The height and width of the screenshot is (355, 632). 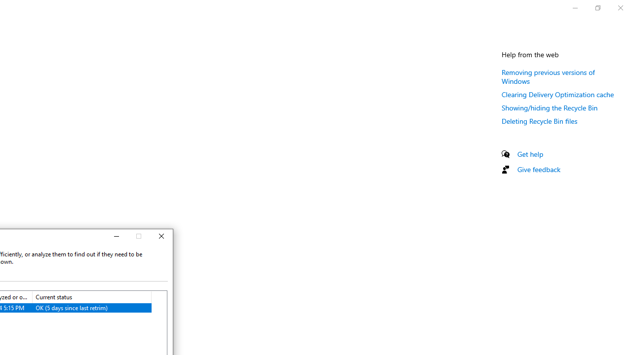 What do you see at coordinates (138, 237) in the screenshot?
I see `'Maximize'` at bounding box center [138, 237].